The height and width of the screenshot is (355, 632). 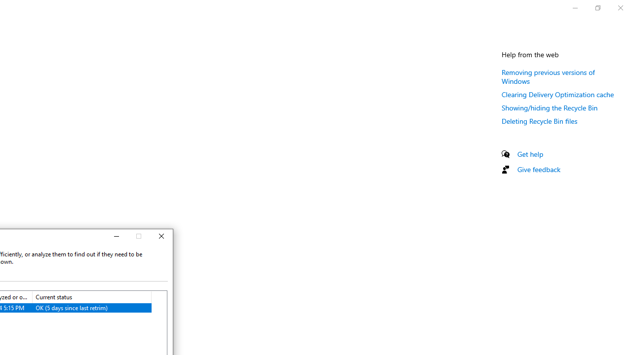 What do you see at coordinates (138, 237) in the screenshot?
I see `'Maximize'` at bounding box center [138, 237].